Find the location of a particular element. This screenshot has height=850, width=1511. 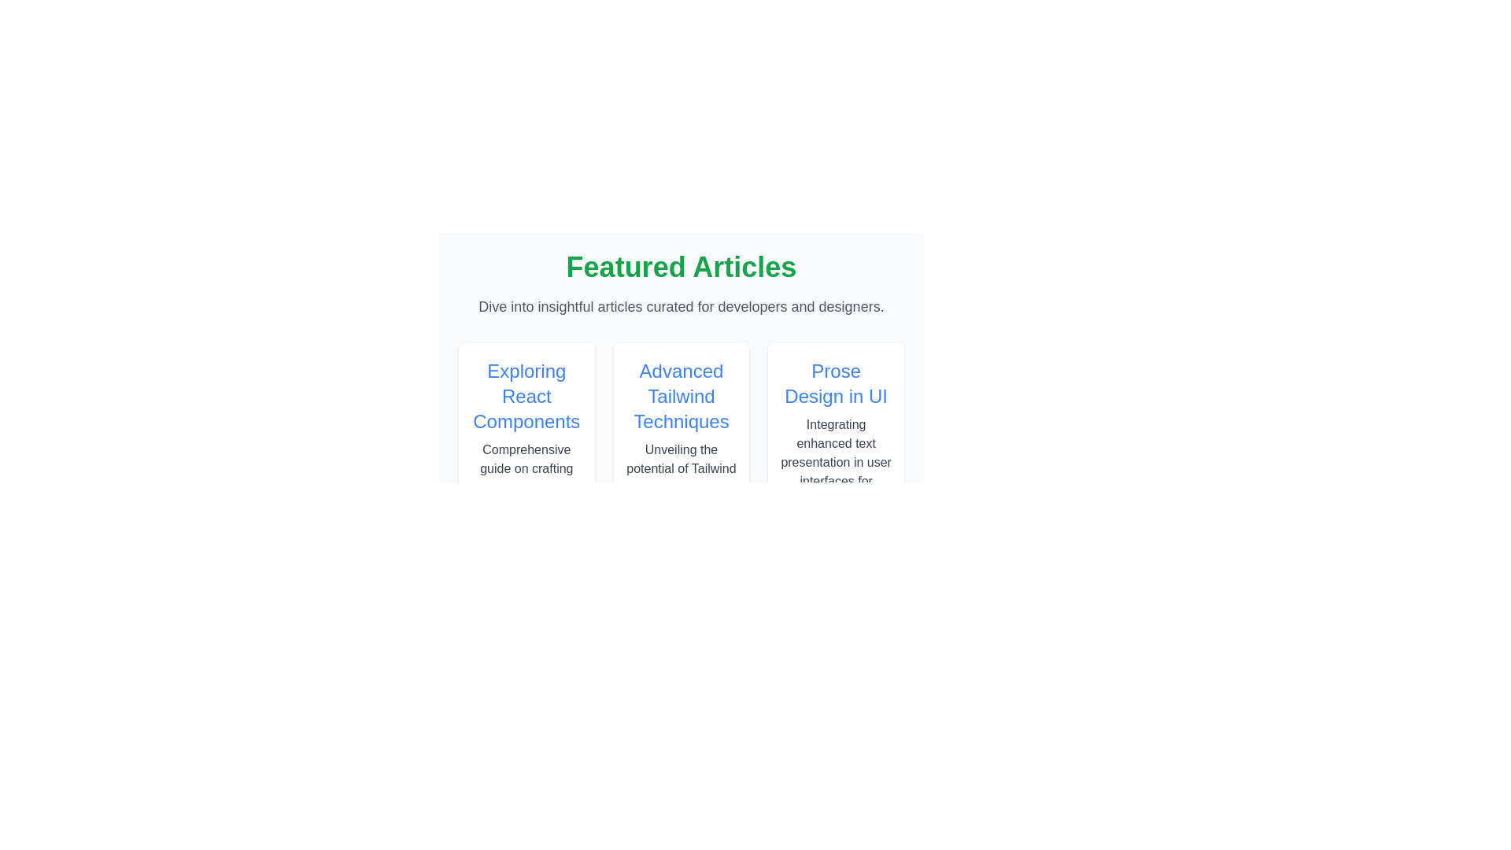

the second card in the horizontal list of featured articles is located at coordinates (681, 475).